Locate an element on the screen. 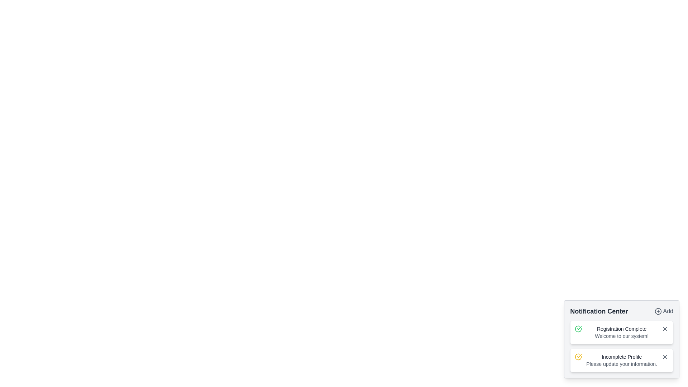 The height and width of the screenshot is (387, 688). the circular confirmation icon with a yellow outline and a white center located is located at coordinates (578, 357).